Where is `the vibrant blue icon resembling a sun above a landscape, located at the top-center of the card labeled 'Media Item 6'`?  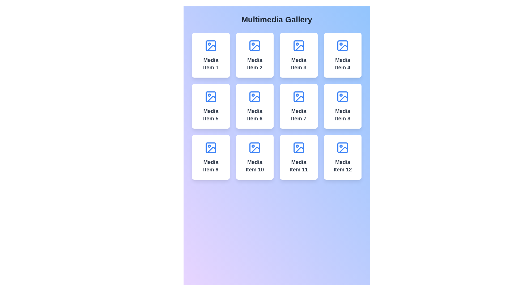
the vibrant blue icon resembling a sun above a landscape, located at the top-center of the card labeled 'Media Item 6' is located at coordinates (254, 96).